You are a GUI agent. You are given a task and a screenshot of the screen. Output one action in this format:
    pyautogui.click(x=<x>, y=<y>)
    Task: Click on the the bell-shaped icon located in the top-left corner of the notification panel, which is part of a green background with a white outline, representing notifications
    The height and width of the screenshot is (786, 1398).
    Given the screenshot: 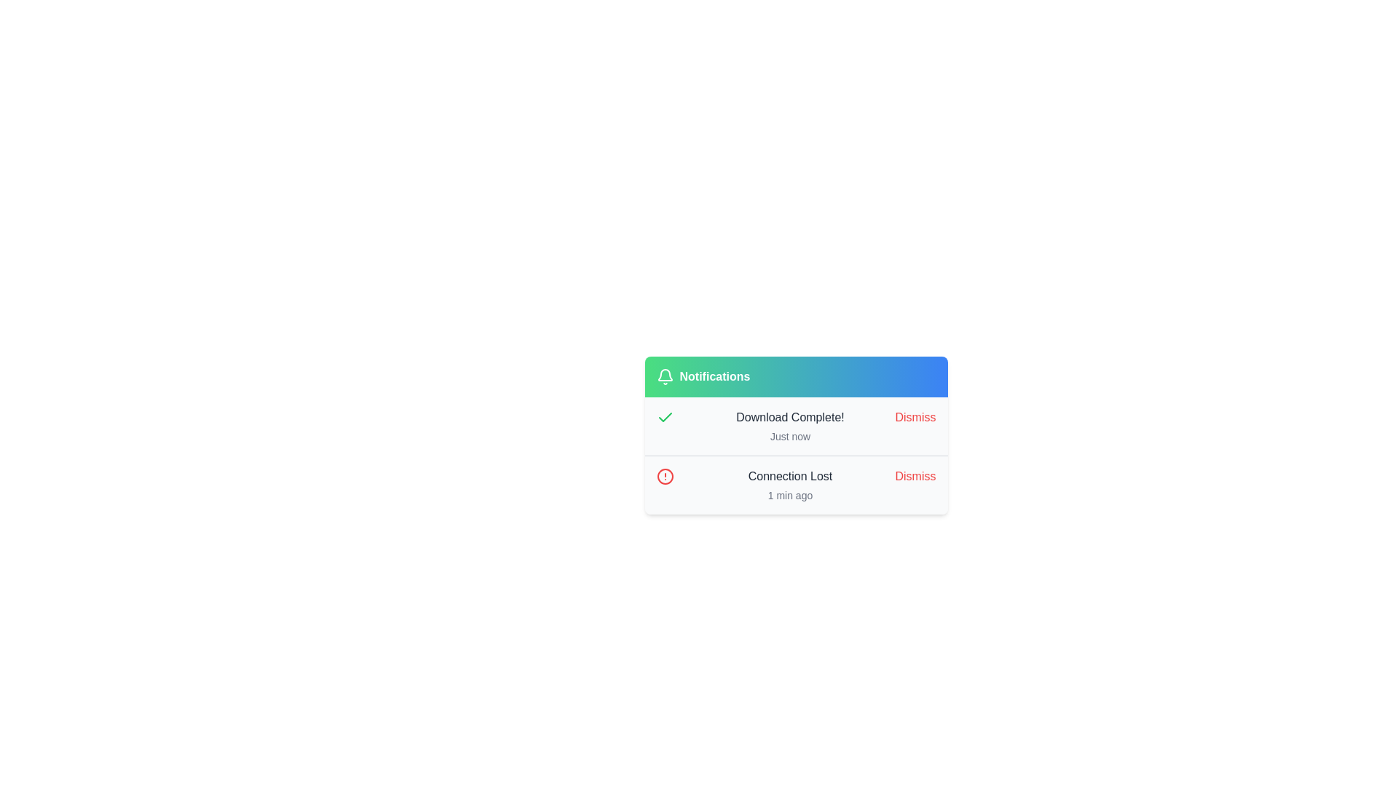 What is the action you would take?
    pyautogui.click(x=664, y=374)
    